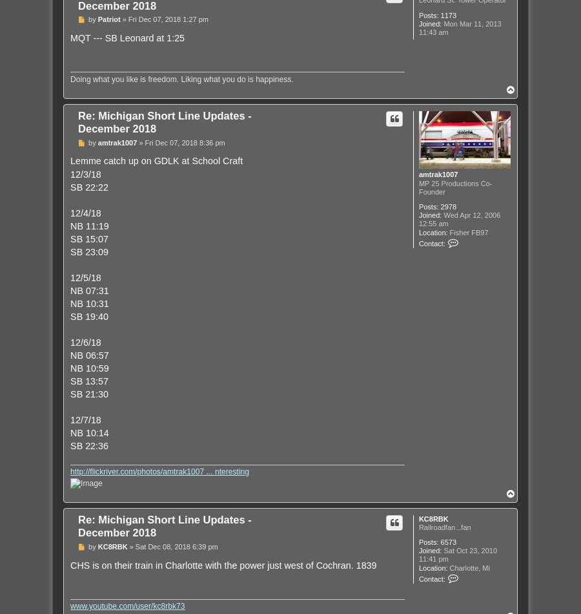  I want to click on 'Fri Dec 07, 2018 1:27 pm', so click(167, 19).